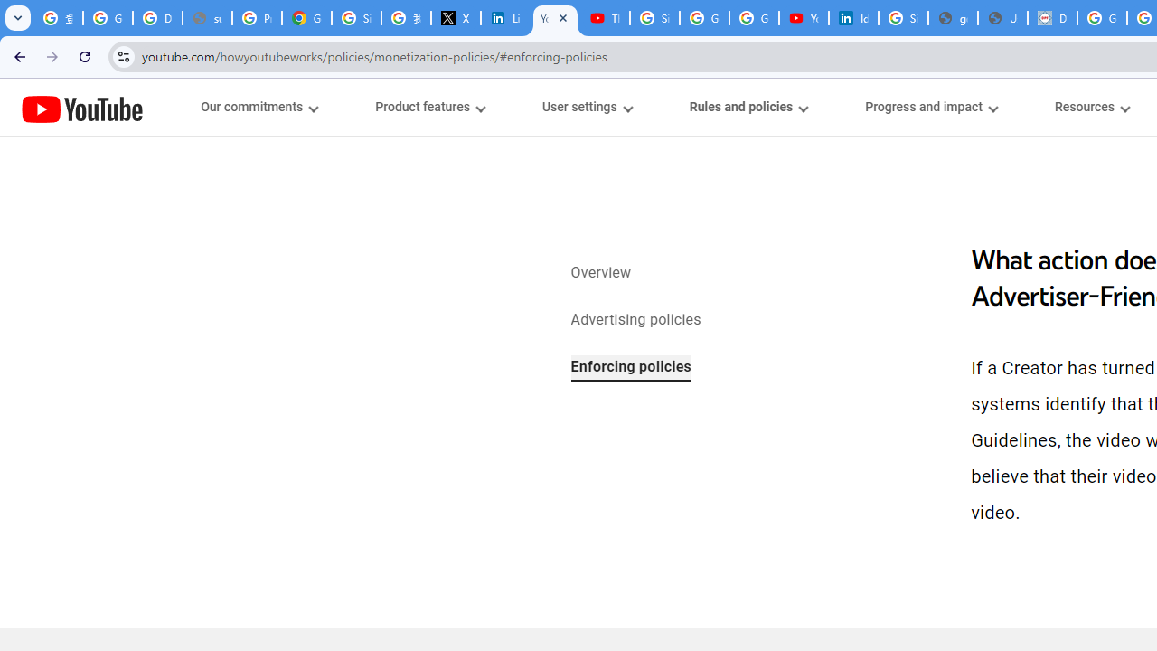  I want to click on 'Progress and impact menupopup', so click(931, 107).